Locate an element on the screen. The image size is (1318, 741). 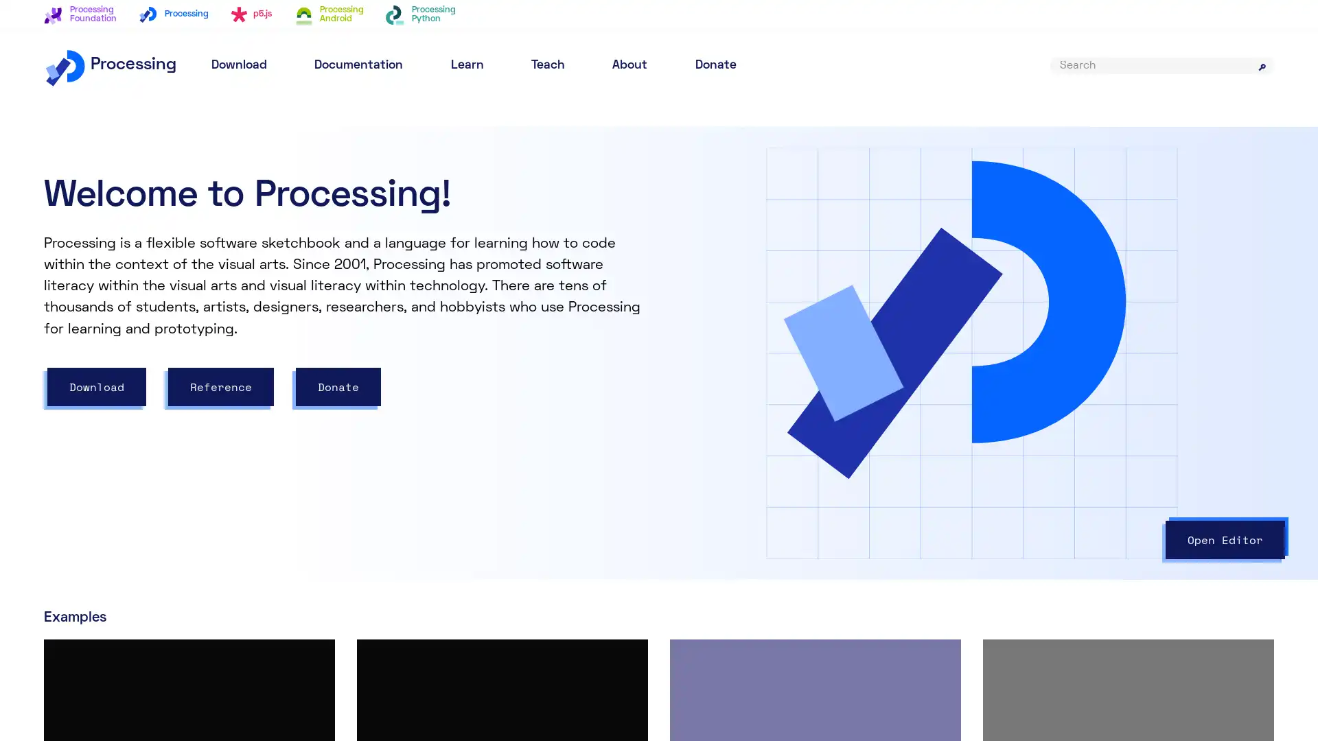
change position is located at coordinates (1004, 376).